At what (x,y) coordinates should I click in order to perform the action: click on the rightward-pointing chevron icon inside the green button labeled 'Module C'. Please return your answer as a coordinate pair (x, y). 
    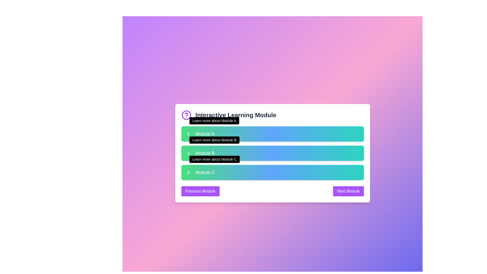
    Looking at the image, I should click on (188, 172).